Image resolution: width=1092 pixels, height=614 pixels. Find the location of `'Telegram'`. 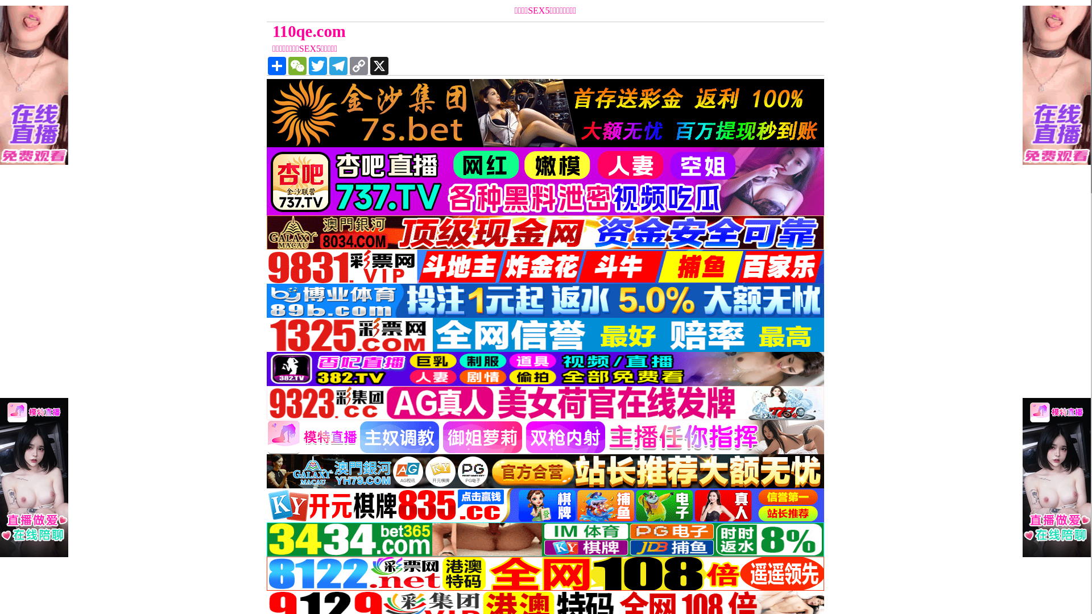

'Telegram' is located at coordinates (327, 65).